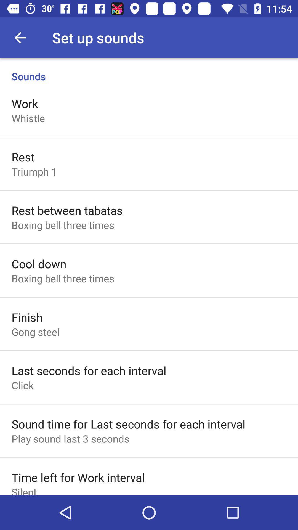  What do you see at coordinates (27, 317) in the screenshot?
I see `item below the boxing bell three icon` at bounding box center [27, 317].